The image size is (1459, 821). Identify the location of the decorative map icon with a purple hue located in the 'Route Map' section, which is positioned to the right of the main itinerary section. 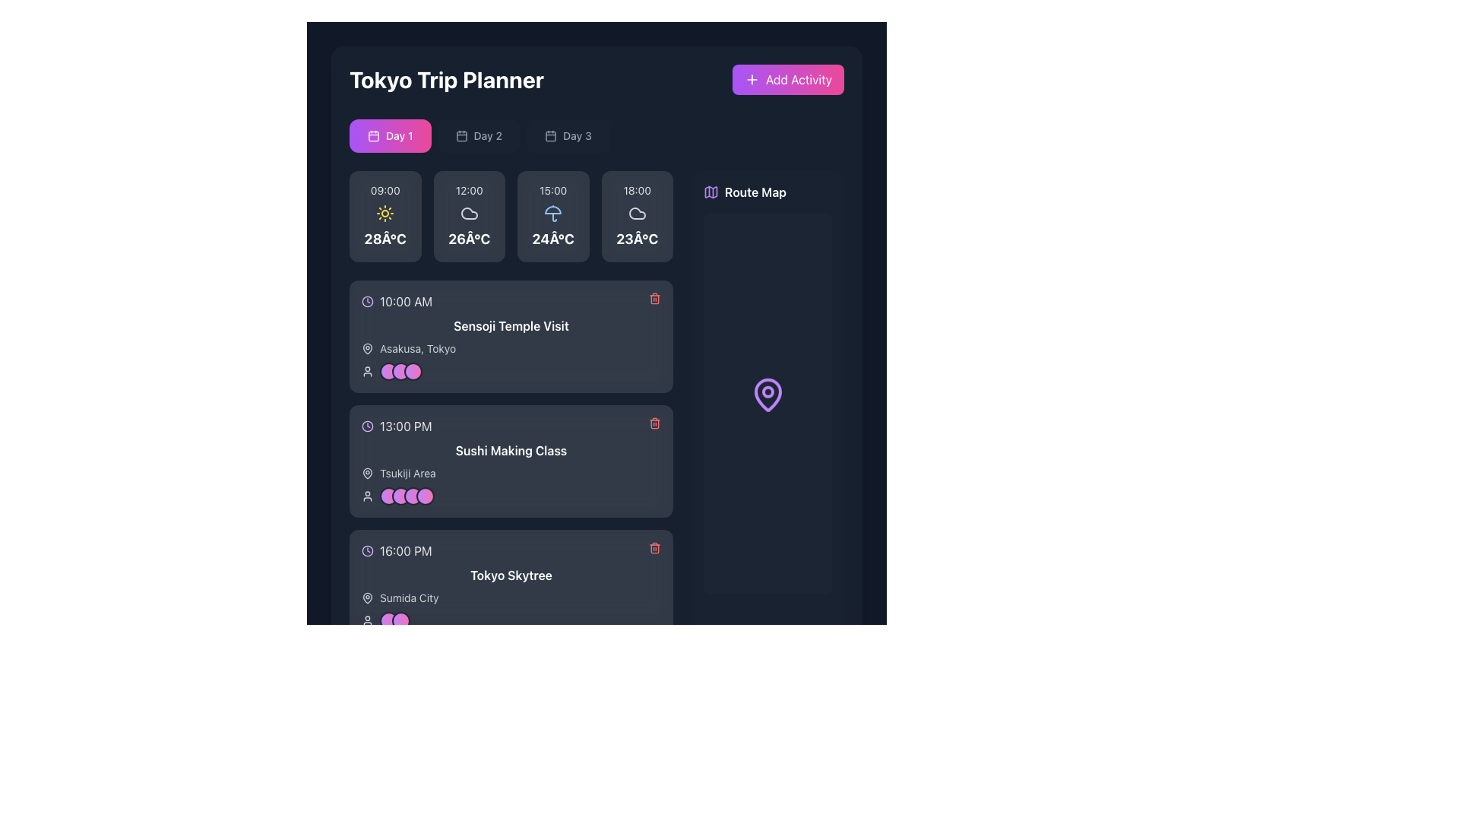
(711, 192).